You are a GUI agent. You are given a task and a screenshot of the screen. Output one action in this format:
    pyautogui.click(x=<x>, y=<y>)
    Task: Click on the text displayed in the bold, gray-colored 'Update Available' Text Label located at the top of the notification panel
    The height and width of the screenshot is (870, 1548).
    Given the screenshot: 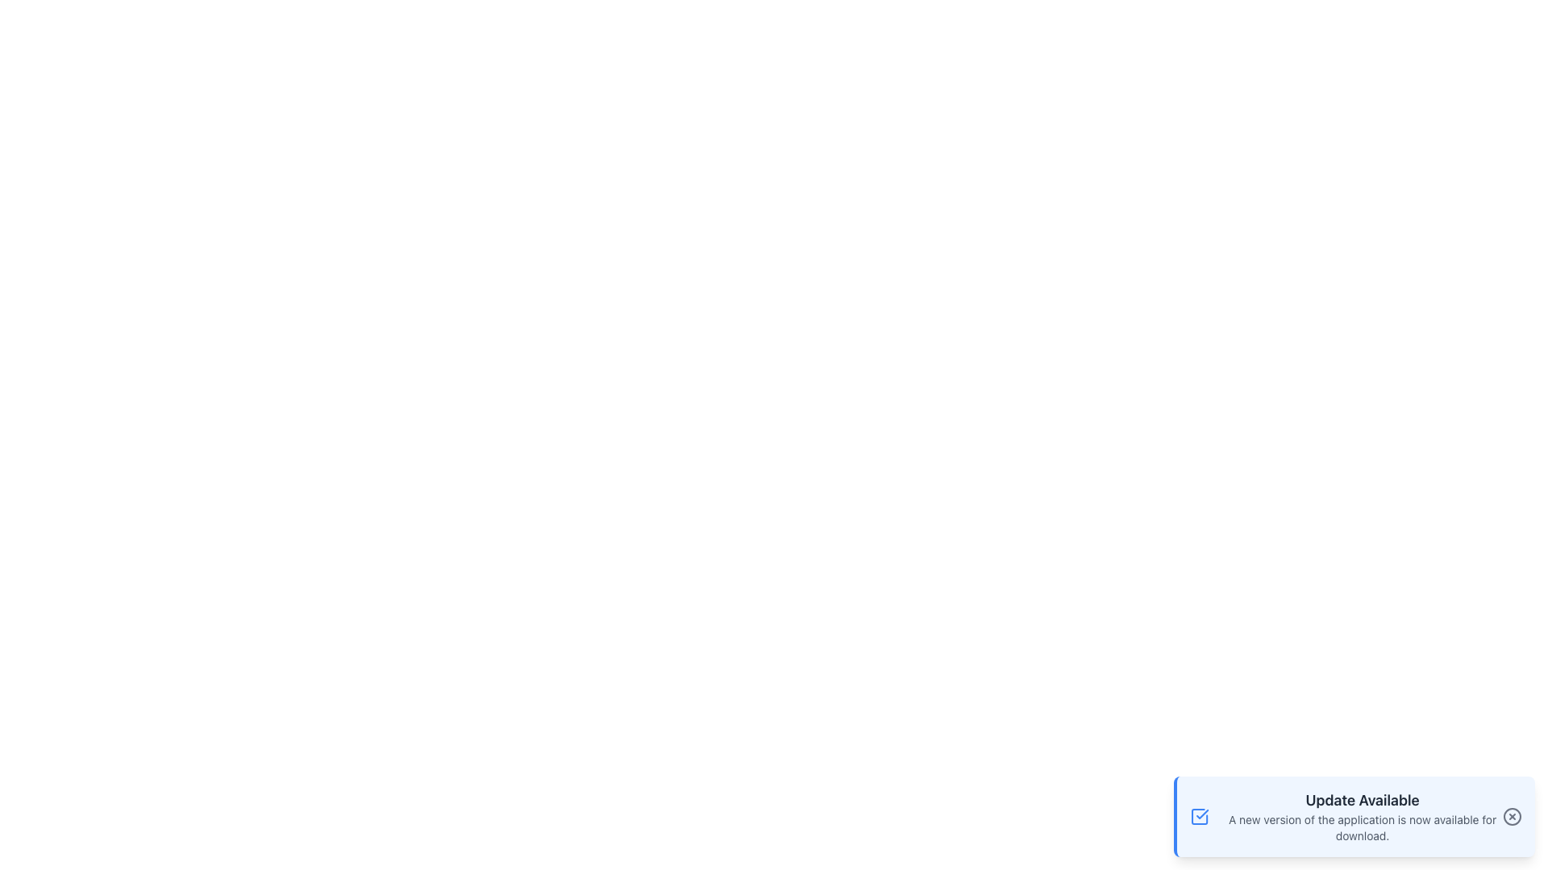 What is the action you would take?
    pyautogui.click(x=1362, y=801)
    